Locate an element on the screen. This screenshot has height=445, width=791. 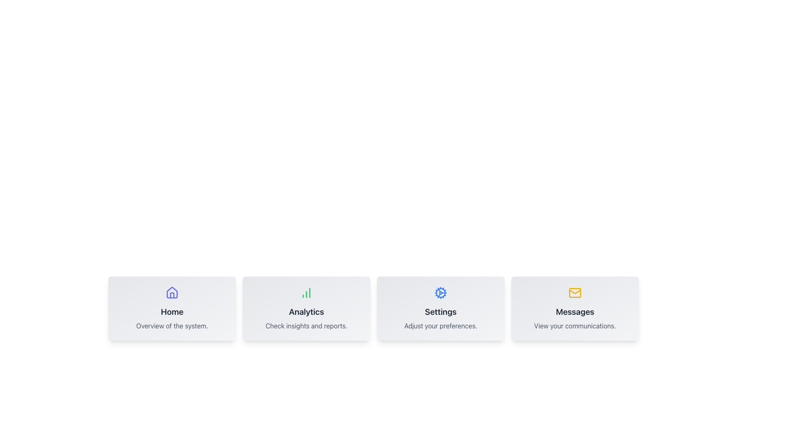
the rectangular base of the mail icon with a yellow outline, located within the envelope icon of the 'Messages' feature, which is the fourth card in the row of features is located at coordinates (575, 292).